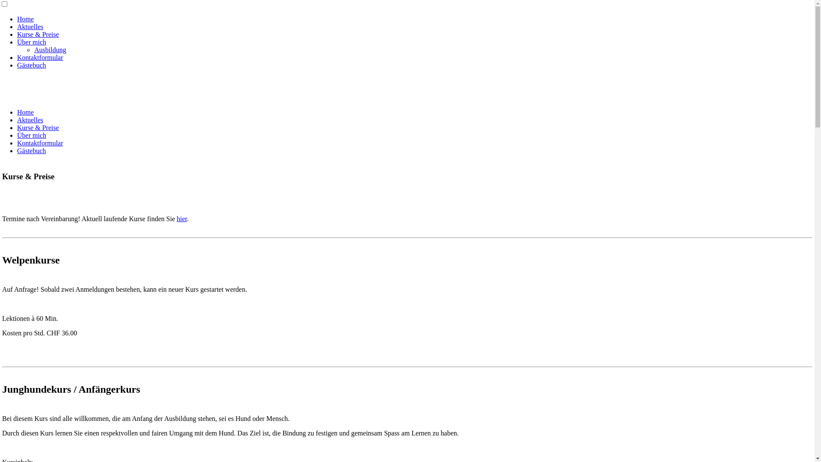 The height and width of the screenshot is (462, 821). I want to click on 'Aktuelles', so click(30, 26).